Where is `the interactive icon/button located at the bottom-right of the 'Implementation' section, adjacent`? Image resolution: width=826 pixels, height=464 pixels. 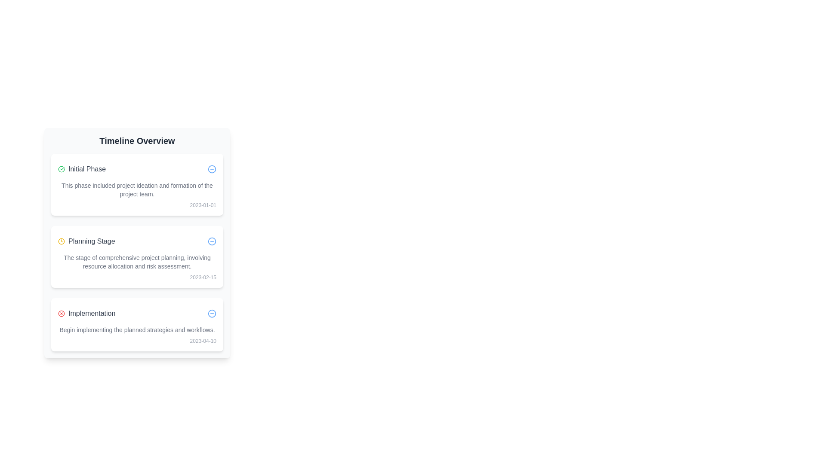
the interactive icon/button located at the bottom-right of the 'Implementation' section, adjacent is located at coordinates (212, 313).